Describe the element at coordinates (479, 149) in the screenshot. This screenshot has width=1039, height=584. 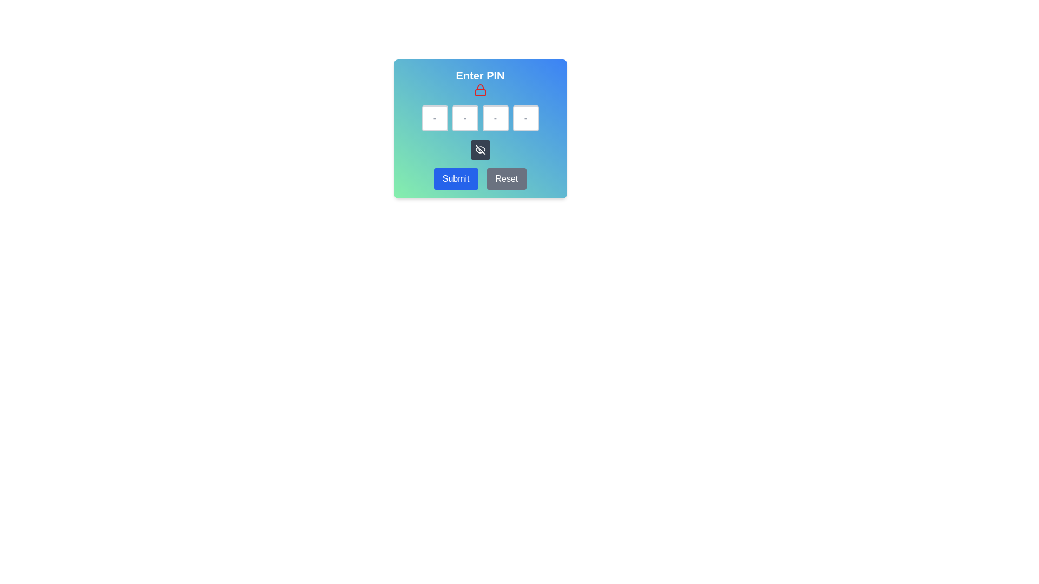
I see `the visibility toggle button located below the PIN input fields to switch between masked and unmasked states` at that location.